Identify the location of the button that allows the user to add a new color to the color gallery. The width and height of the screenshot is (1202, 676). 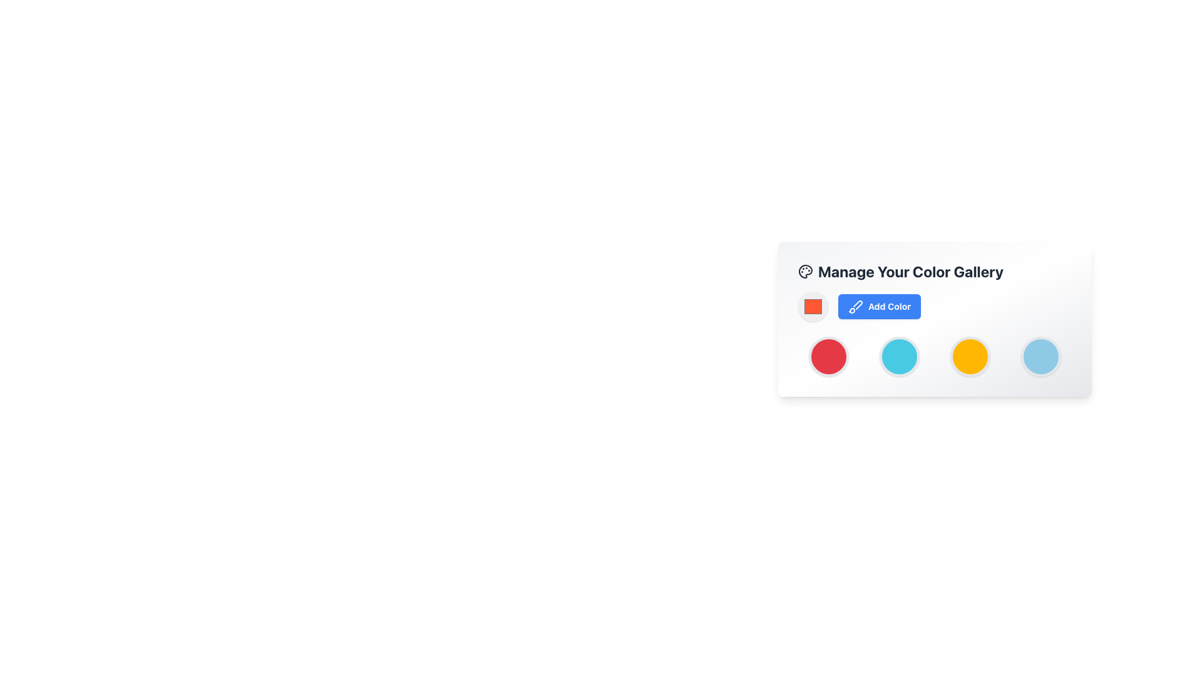
(879, 306).